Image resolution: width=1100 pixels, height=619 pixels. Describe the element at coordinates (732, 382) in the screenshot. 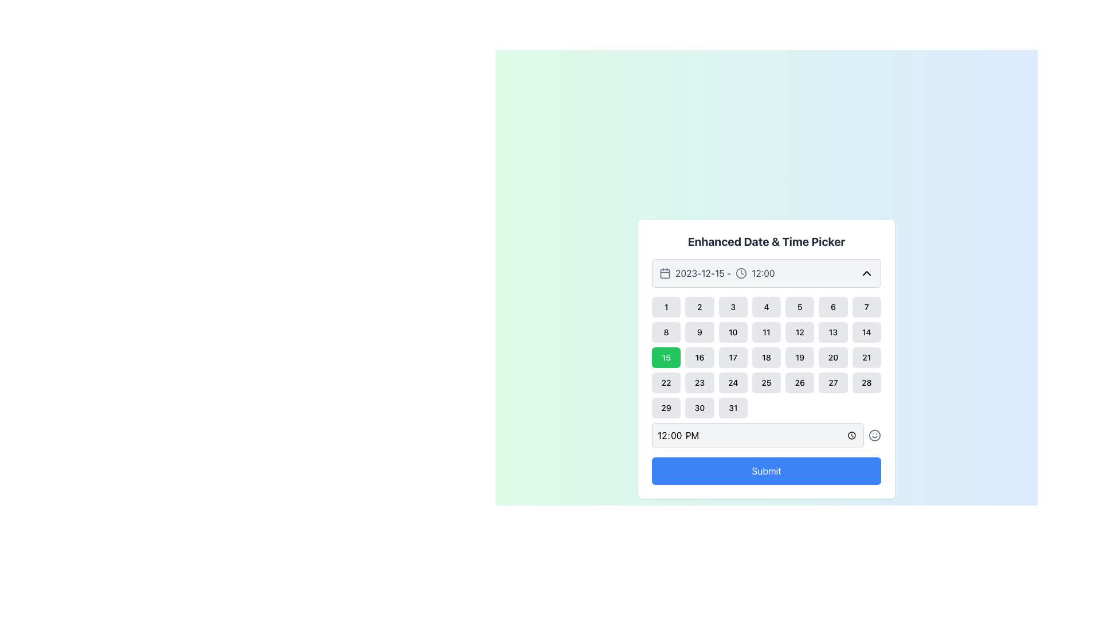

I see `the button representing the selectable calendar date '24' in the date picker UI` at that location.